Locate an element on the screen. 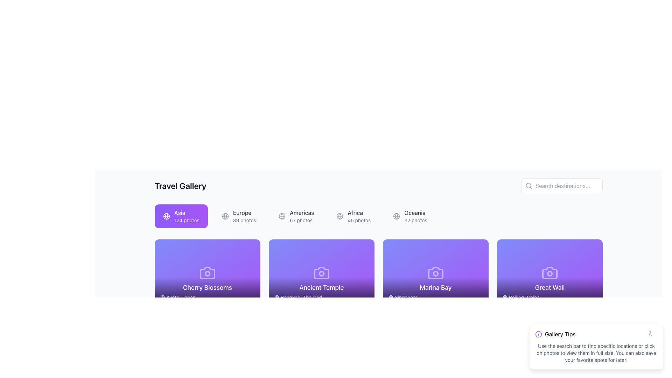 The height and width of the screenshot is (378, 672). the globe icon representing Asia in the Travel Gallery section, which is a circular outline icon surrounded by additional paths is located at coordinates (166, 216).